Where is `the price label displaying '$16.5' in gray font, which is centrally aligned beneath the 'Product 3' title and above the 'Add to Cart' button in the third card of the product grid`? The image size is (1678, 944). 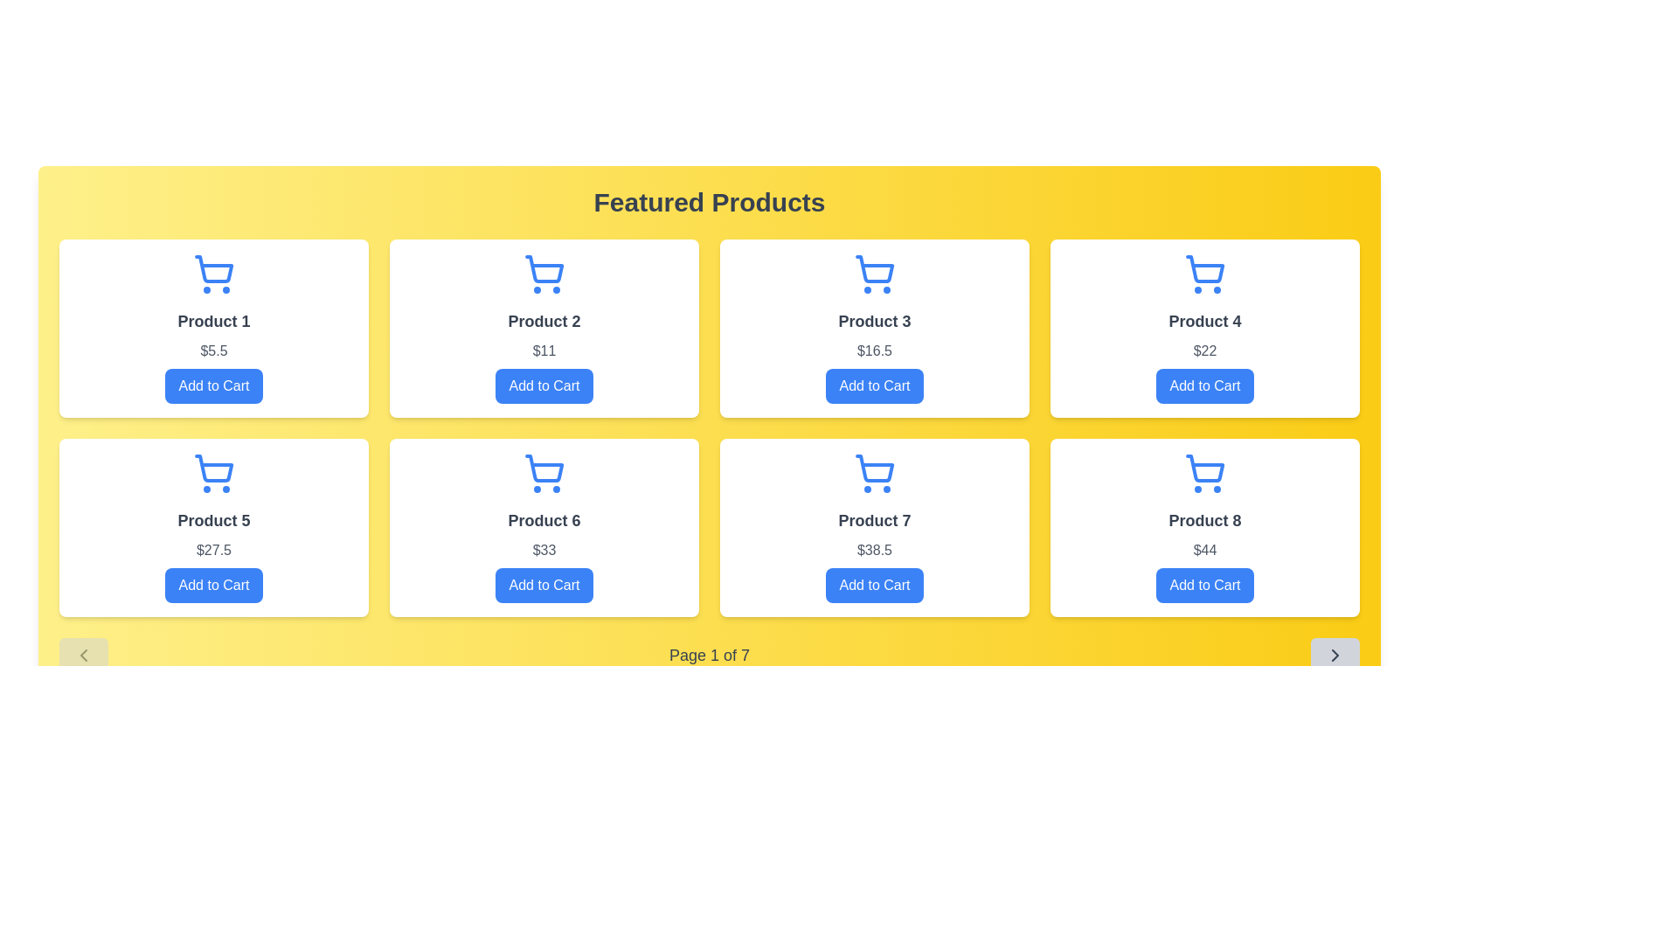 the price label displaying '$16.5' in gray font, which is centrally aligned beneath the 'Product 3' title and above the 'Add to Cart' button in the third card of the product grid is located at coordinates (875, 351).